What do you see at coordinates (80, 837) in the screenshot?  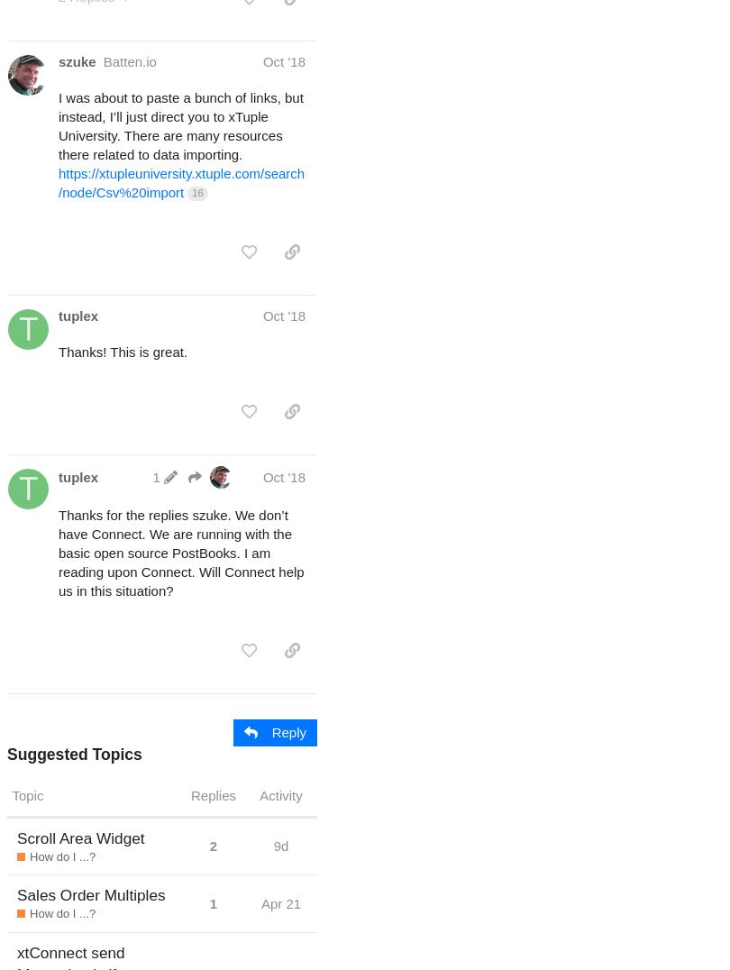 I see `'Scroll Area Widget'` at bounding box center [80, 837].